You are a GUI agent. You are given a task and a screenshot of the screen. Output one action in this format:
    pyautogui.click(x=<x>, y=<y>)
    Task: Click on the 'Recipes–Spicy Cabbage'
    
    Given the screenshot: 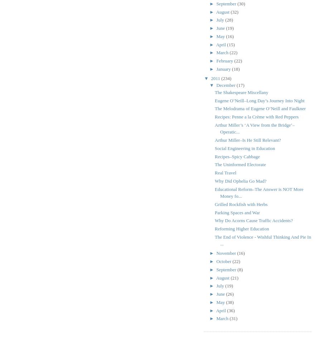 What is the action you would take?
    pyautogui.click(x=237, y=156)
    